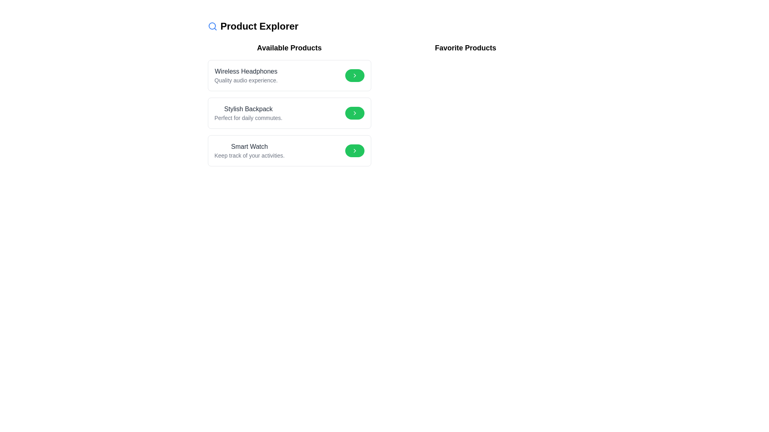  Describe the element at coordinates (354, 76) in the screenshot. I see `the navigation icon within the green button located to the right of the 'Wireless Headphones' text in the 'Available Products' section` at that location.